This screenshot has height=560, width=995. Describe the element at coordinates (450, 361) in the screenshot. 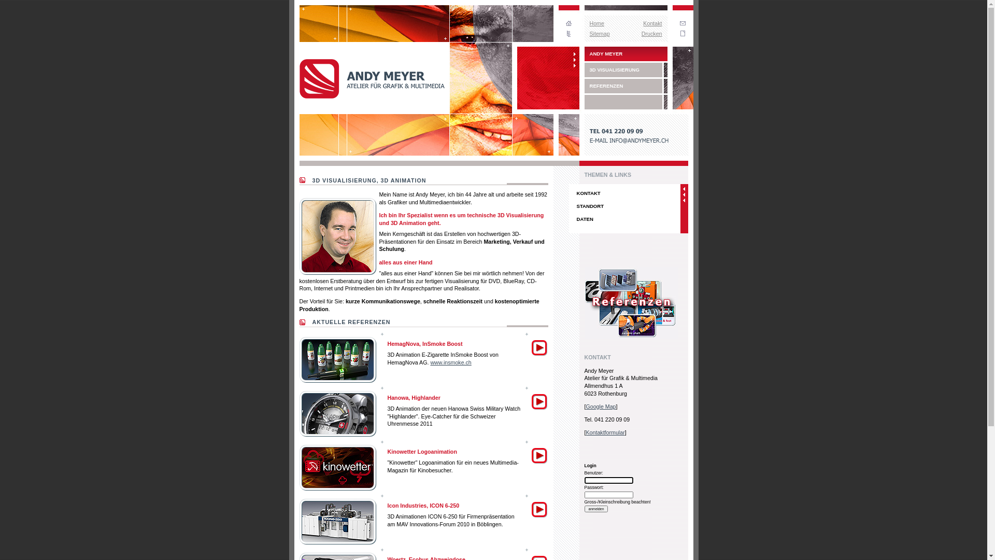

I see `'www.insmoke.ch'` at that location.